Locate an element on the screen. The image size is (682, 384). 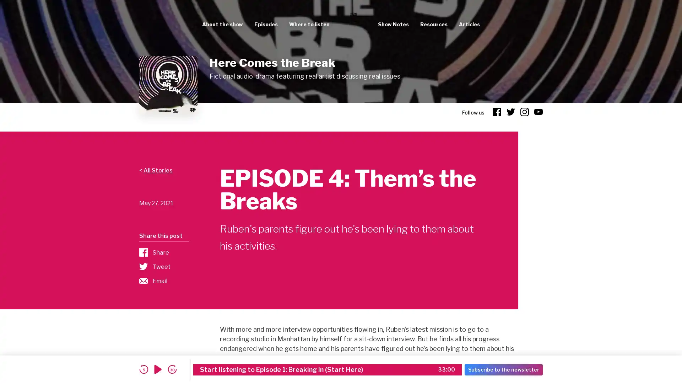
skip back 5 seconds is located at coordinates (143, 369).